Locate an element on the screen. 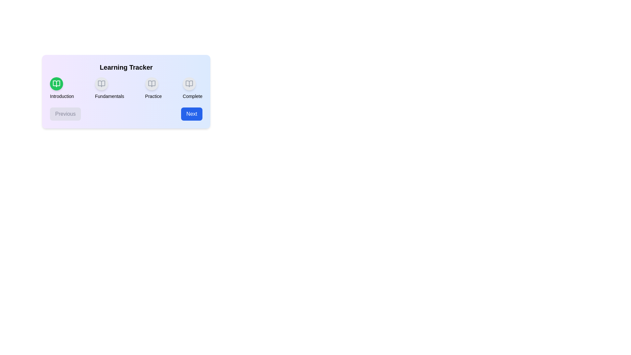 This screenshot has height=355, width=631. the 'Complete' progress state element, which is the fourth item in a horizontally aligned sequence indicating task completion is located at coordinates (192, 88).